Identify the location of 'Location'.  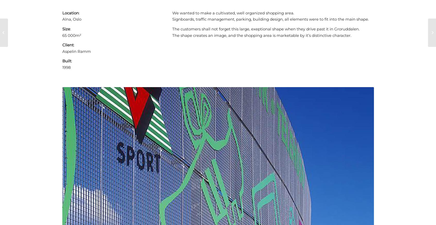
(70, 12).